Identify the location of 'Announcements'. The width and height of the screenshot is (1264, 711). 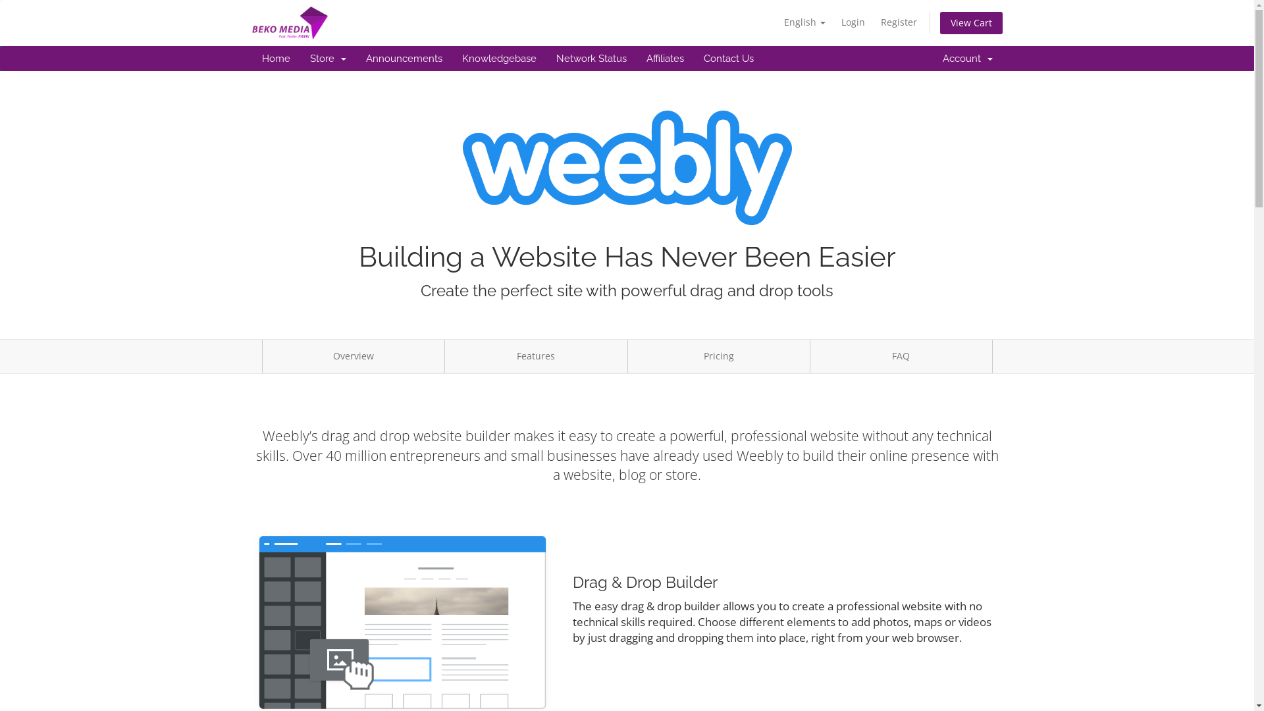
(403, 57).